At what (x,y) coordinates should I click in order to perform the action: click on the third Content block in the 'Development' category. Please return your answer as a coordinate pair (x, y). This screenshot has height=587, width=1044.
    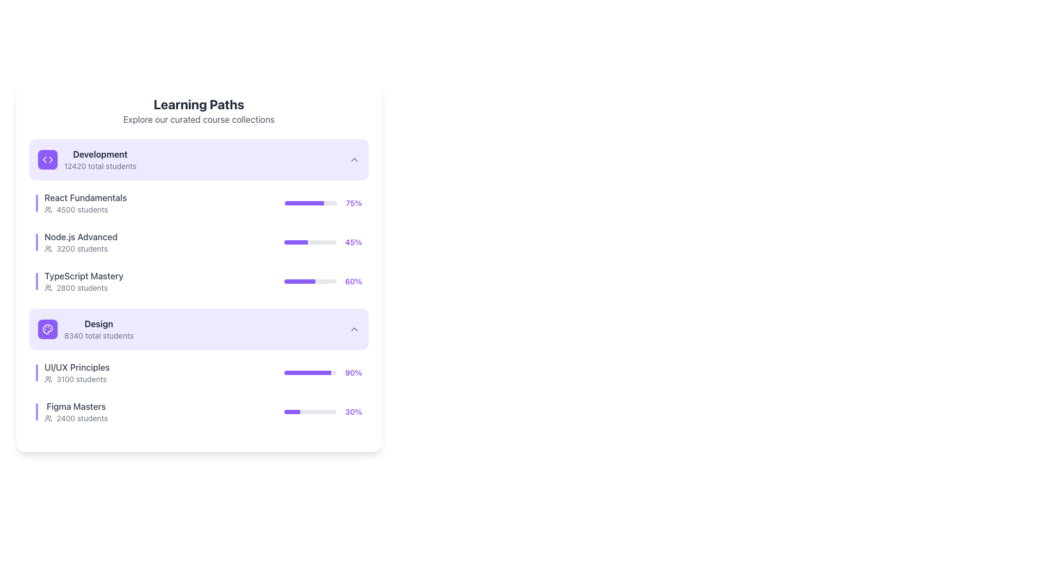
    Looking at the image, I should click on (198, 220).